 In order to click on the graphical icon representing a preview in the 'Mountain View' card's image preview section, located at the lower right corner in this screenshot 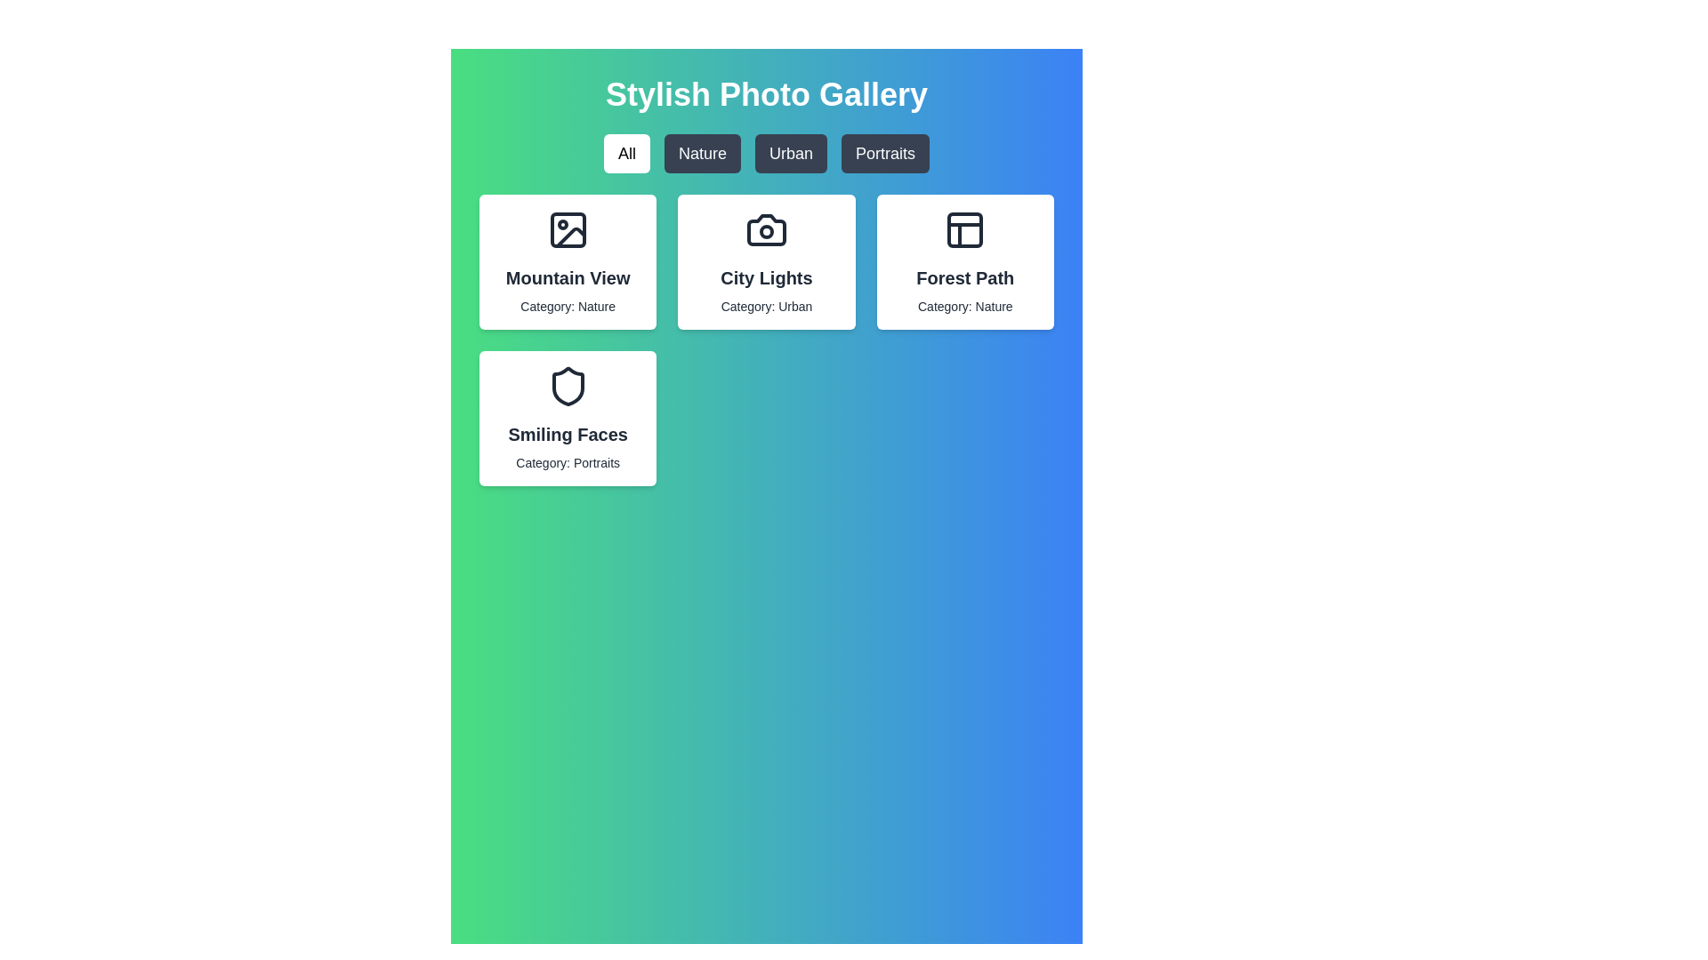, I will do `click(570, 236)`.